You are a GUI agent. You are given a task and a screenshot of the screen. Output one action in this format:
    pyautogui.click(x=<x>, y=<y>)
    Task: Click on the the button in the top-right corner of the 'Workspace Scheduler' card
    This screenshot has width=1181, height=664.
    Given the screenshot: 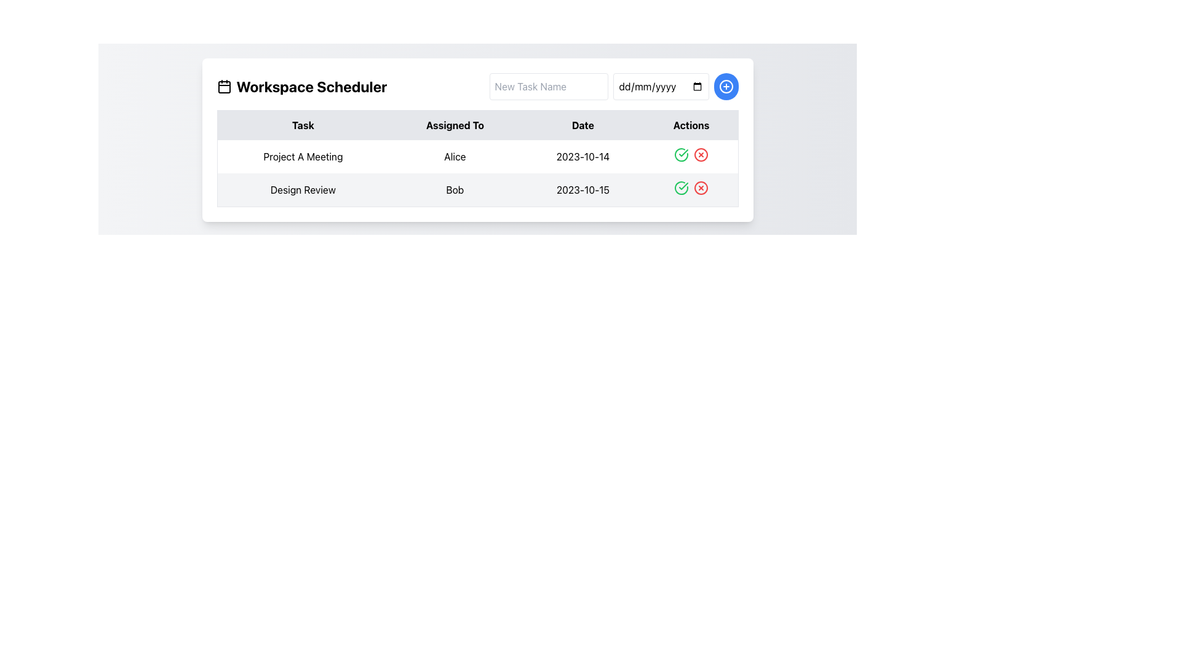 What is the action you would take?
    pyautogui.click(x=726, y=86)
    